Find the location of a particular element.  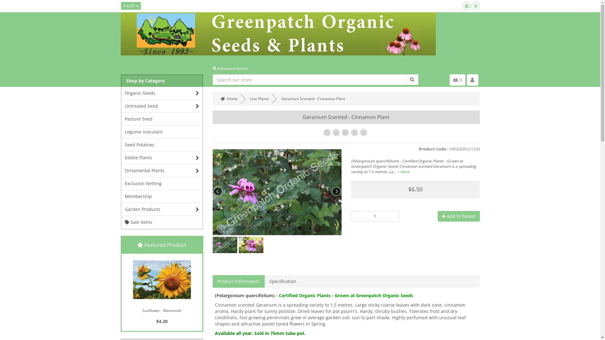

'Product Information' is located at coordinates (213, 281).